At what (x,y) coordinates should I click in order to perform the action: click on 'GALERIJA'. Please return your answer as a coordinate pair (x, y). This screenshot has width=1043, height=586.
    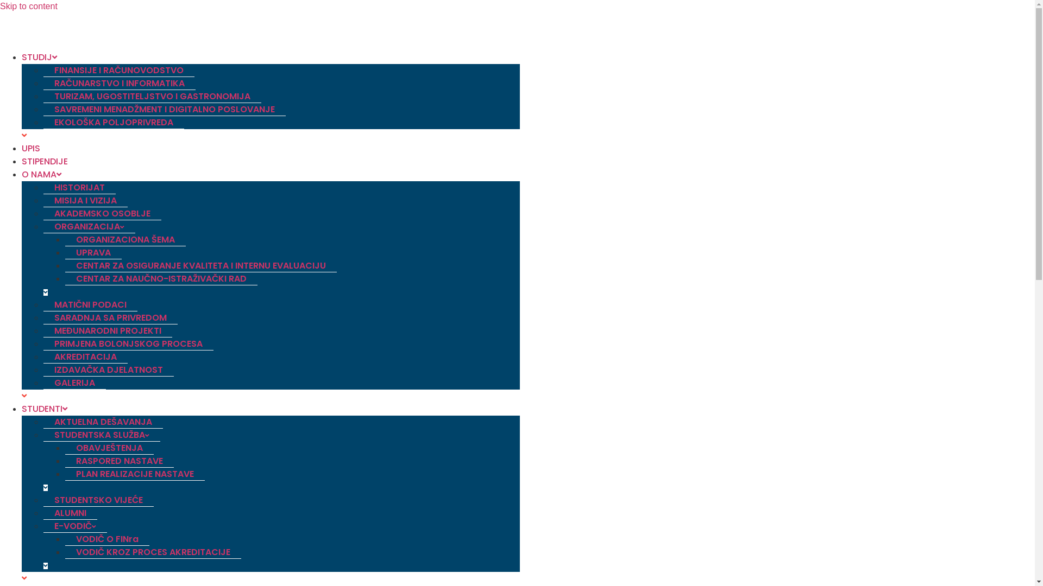
    Looking at the image, I should click on (74, 382).